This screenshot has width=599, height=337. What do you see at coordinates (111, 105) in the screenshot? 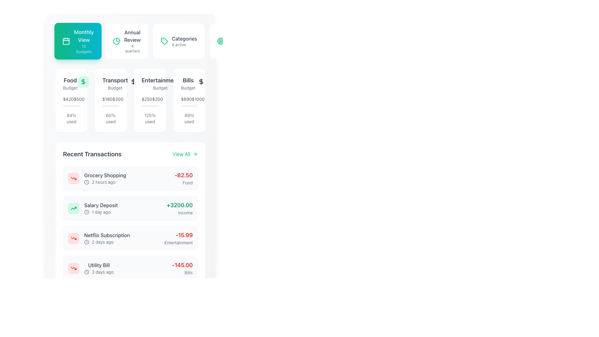
I see `the progress bar that visually represents the percentage of budget used for the 'Transport' category, located in the second card under the 'Monthly View' section` at bounding box center [111, 105].